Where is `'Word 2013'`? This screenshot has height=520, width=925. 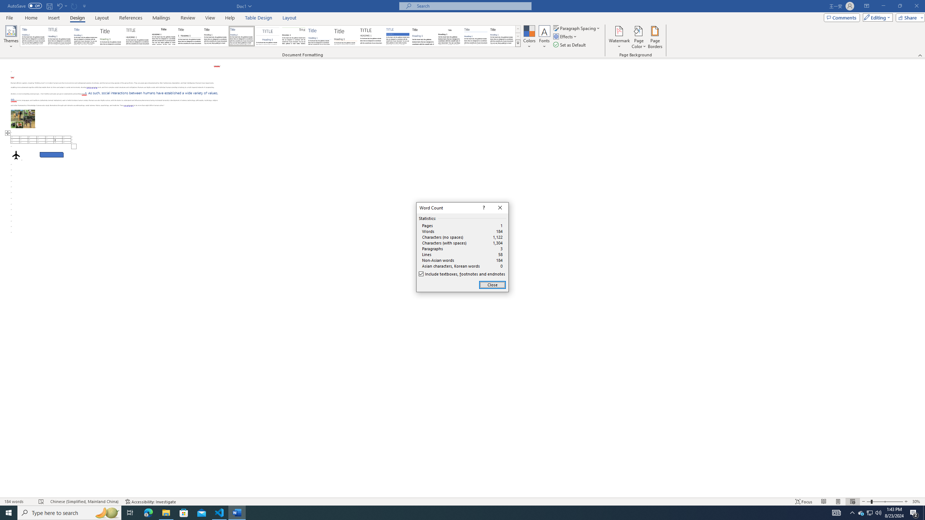
'Word 2013' is located at coordinates (502, 36).